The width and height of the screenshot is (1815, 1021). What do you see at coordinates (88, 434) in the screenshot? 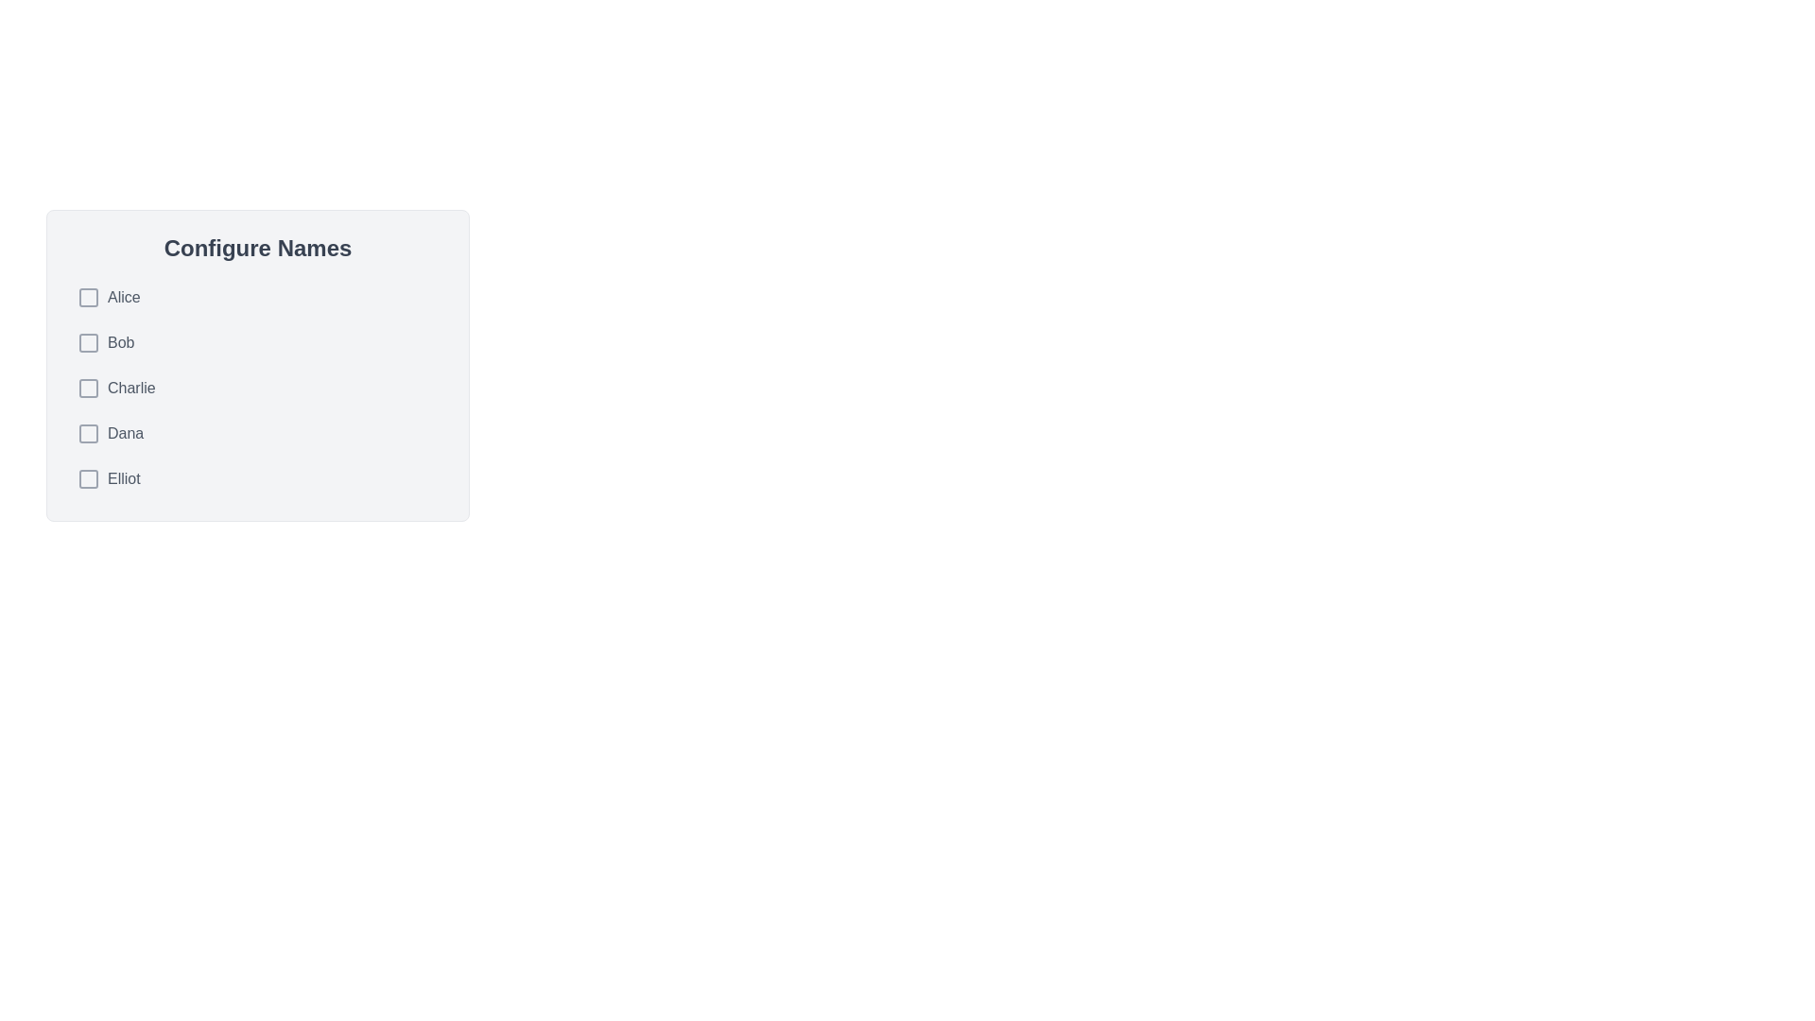
I see `the checkbox associated with the option labeled 'Dana'` at bounding box center [88, 434].